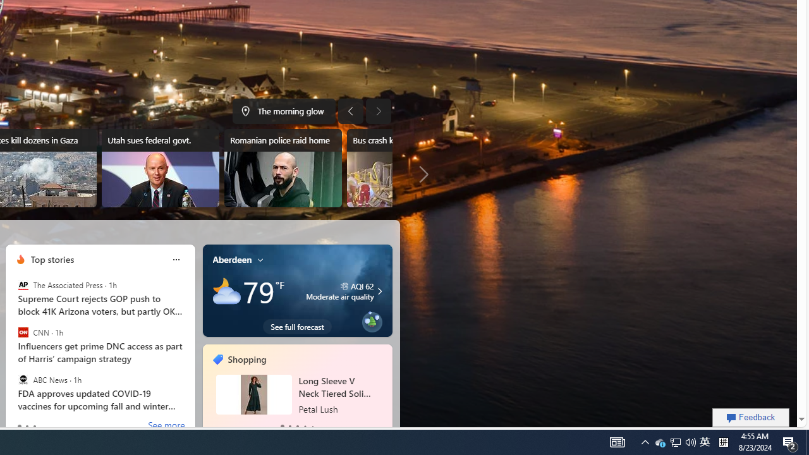 The height and width of the screenshot is (455, 809). What do you see at coordinates (283, 111) in the screenshot?
I see `'The morning glow'` at bounding box center [283, 111].